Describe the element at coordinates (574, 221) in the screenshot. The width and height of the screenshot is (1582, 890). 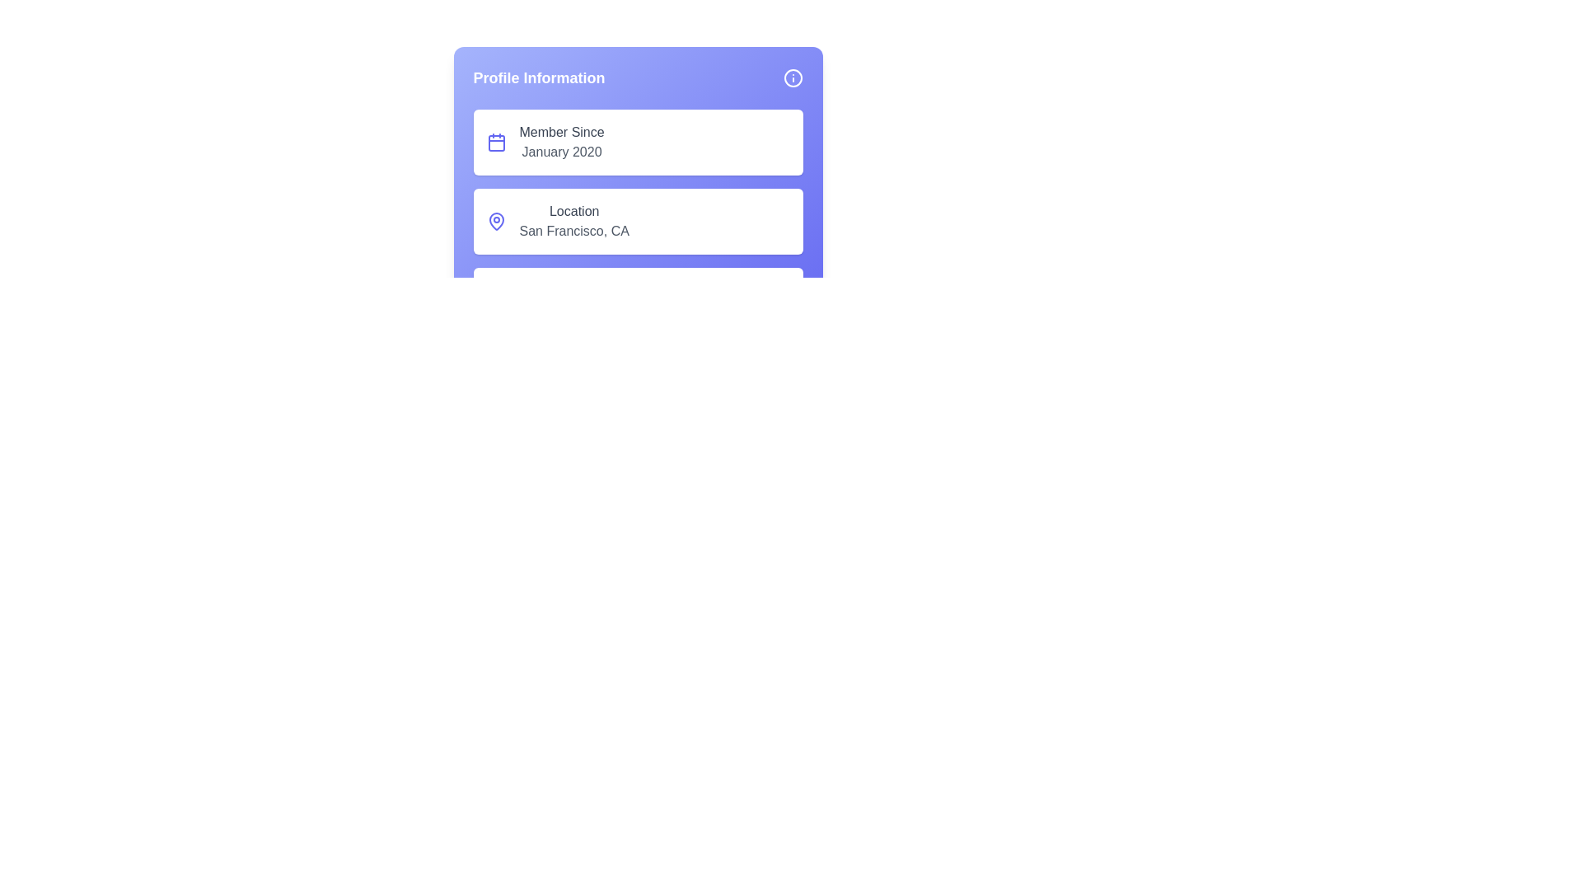
I see `the text display that informs users about the profile's location, positioned below the 'Member Since' section in the profile information card` at that location.